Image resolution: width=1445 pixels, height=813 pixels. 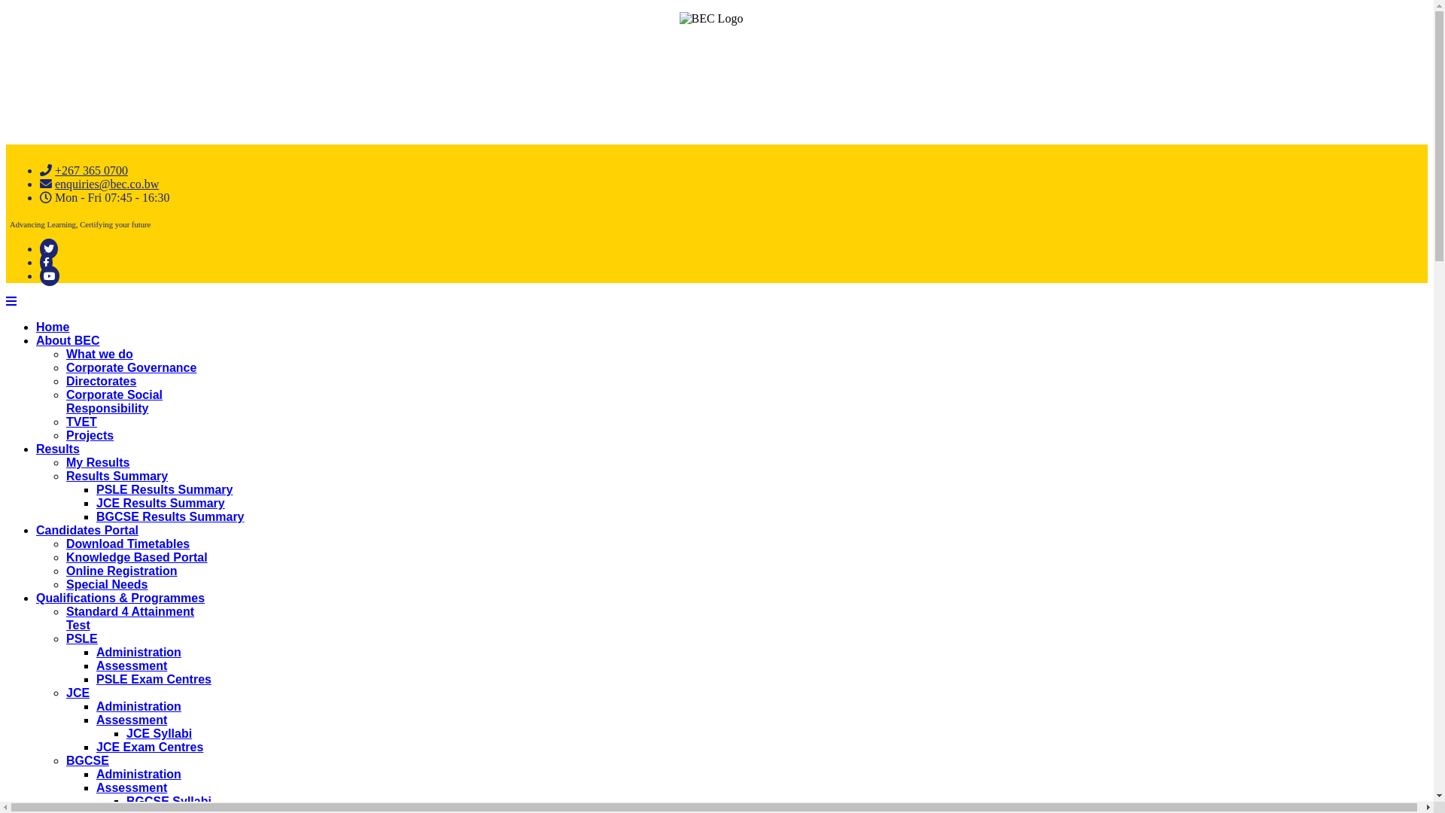 What do you see at coordinates (137, 557) in the screenshot?
I see `'Knowledge Based Portal'` at bounding box center [137, 557].